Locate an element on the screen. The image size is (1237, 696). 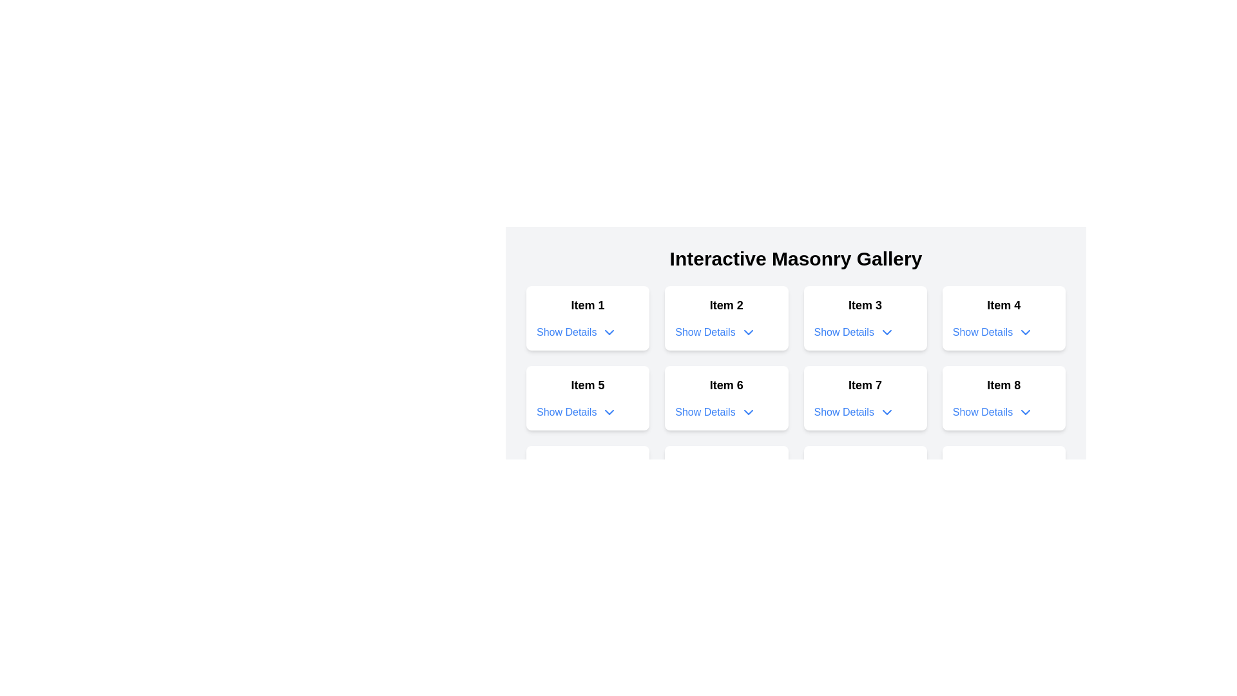
the 'Show Details' link located in the second row, third column of the grid under 'Interactive Masonry Gallery' is located at coordinates (844, 332).